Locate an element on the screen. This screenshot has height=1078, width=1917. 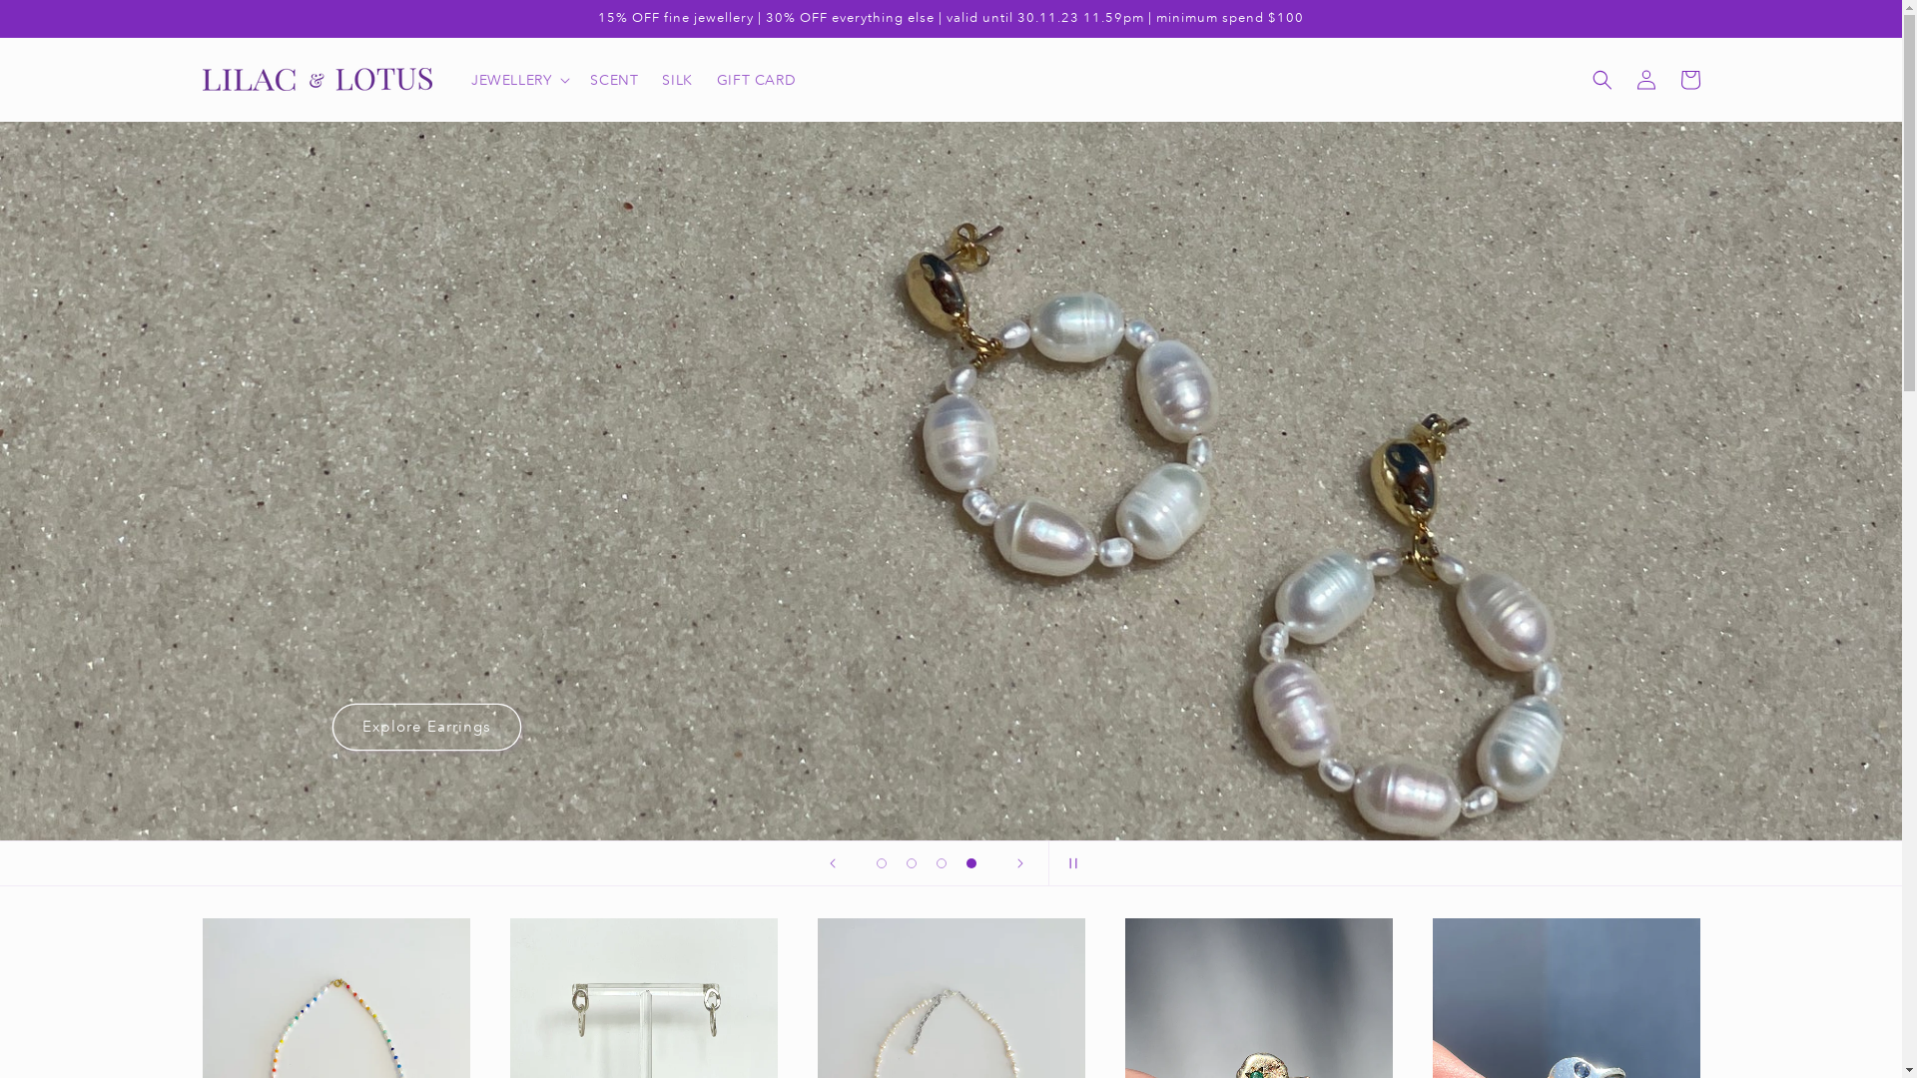
'SILK' is located at coordinates (676, 79).